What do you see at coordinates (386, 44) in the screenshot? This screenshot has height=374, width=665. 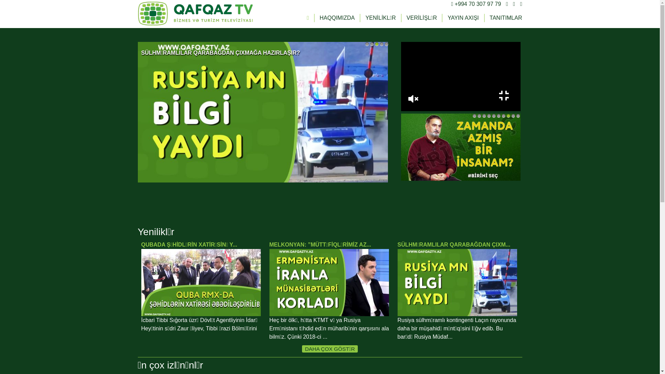 I see `'5'` at bounding box center [386, 44].